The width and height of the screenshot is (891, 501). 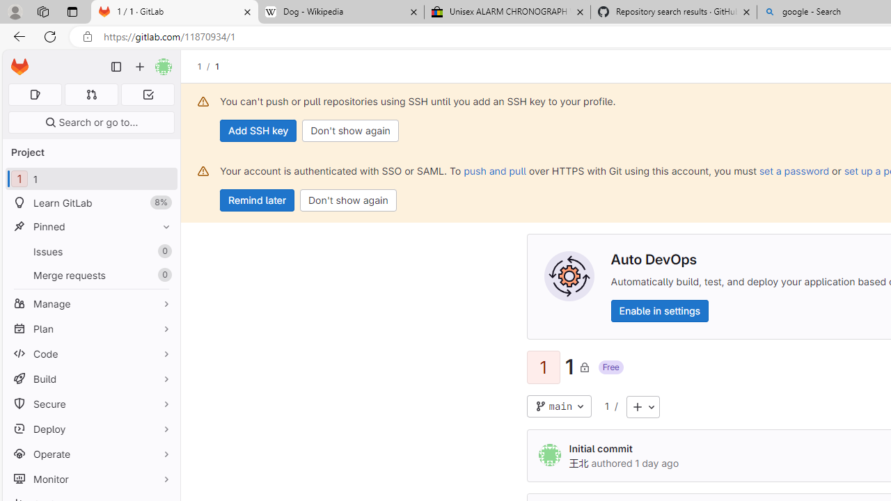 What do you see at coordinates (90, 478) in the screenshot?
I see `'Monitor'` at bounding box center [90, 478].